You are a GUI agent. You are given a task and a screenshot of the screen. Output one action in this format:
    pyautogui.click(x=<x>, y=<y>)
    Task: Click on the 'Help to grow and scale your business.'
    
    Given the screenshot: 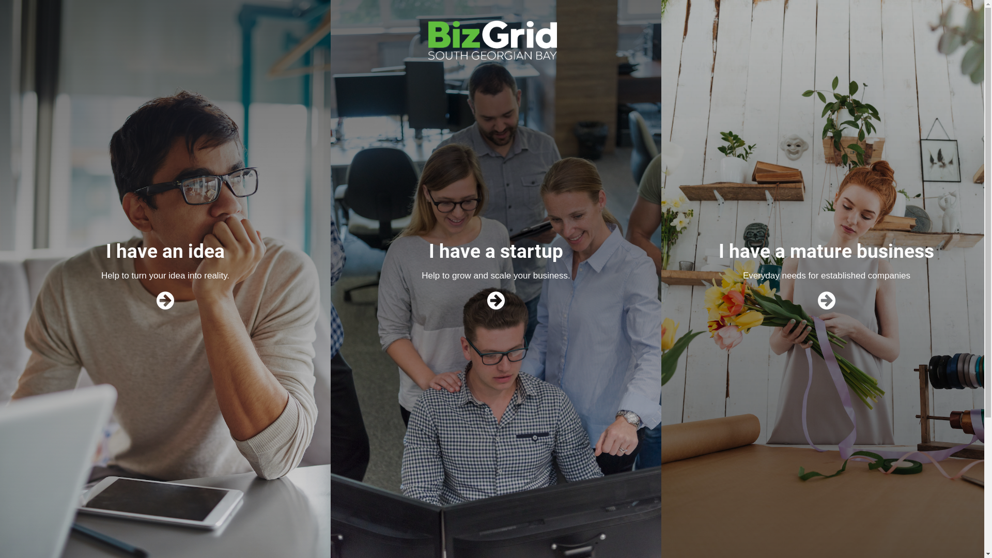 What is the action you would take?
    pyautogui.click(x=495, y=275)
    